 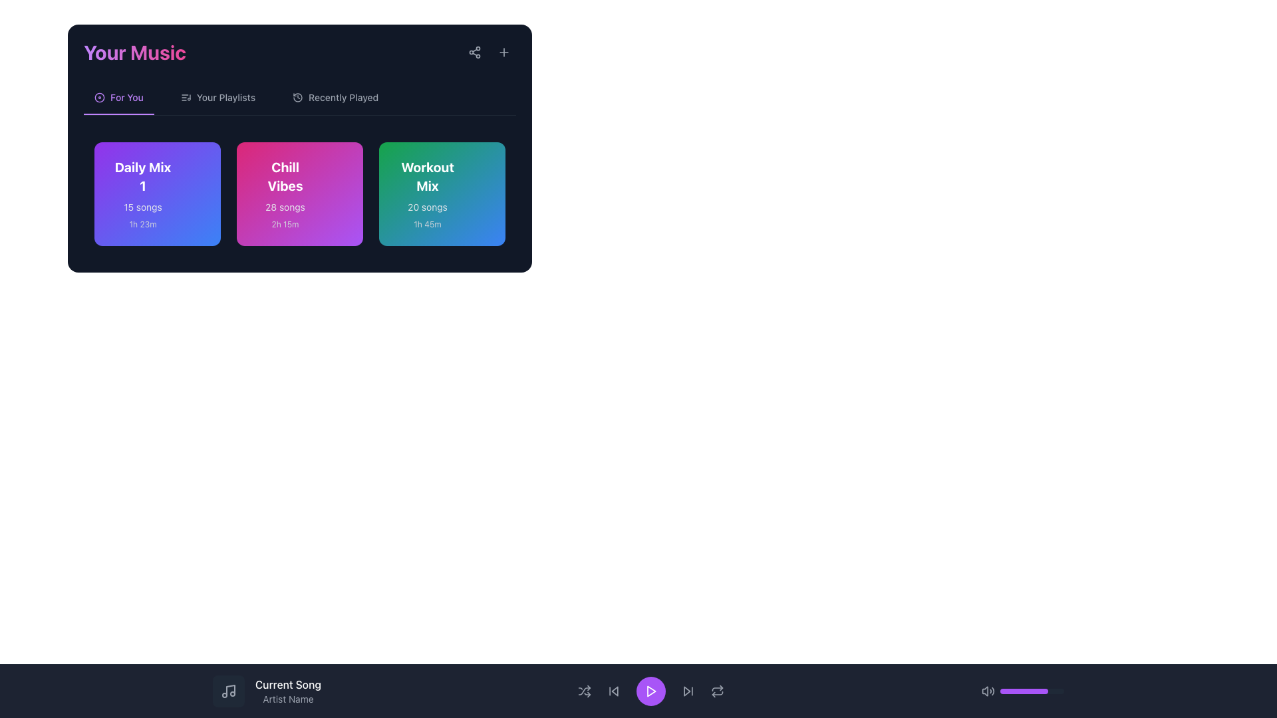 What do you see at coordinates (143, 224) in the screenshot?
I see `the text label displaying '1h 23m' which is styled in gray and positioned below the '15 songs' title in the 'Daily Mix 1' playlist card` at bounding box center [143, 224].